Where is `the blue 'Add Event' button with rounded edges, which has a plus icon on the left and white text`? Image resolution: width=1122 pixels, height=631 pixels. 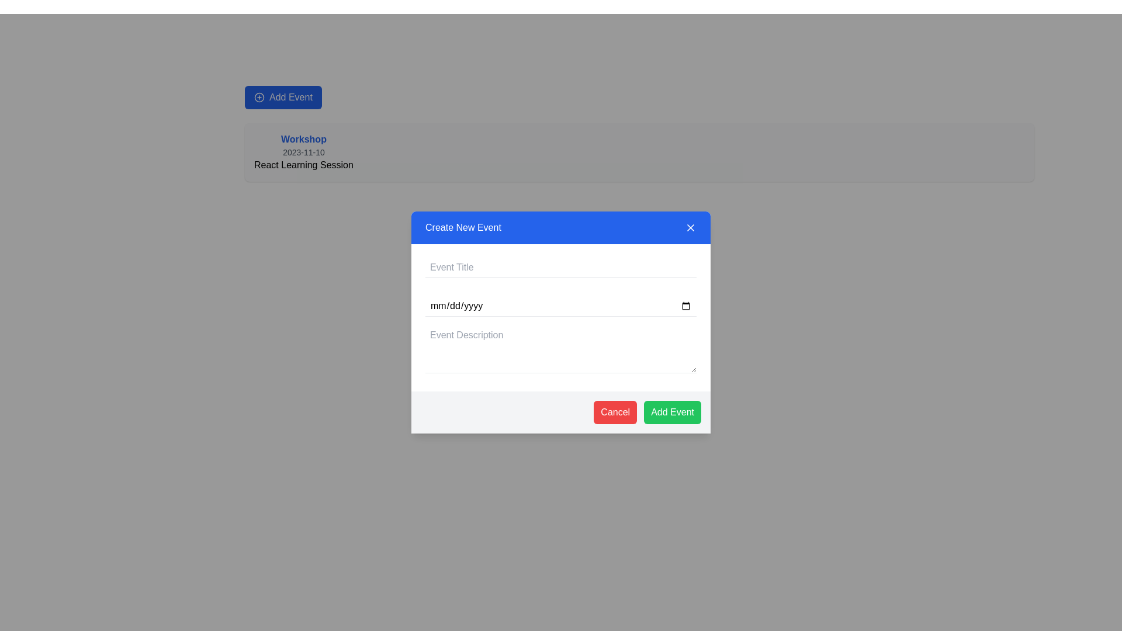
the blue 'Add Event' button with rounded edges, which has a plus icon on the left and white text is located at coordinates (283, 96).